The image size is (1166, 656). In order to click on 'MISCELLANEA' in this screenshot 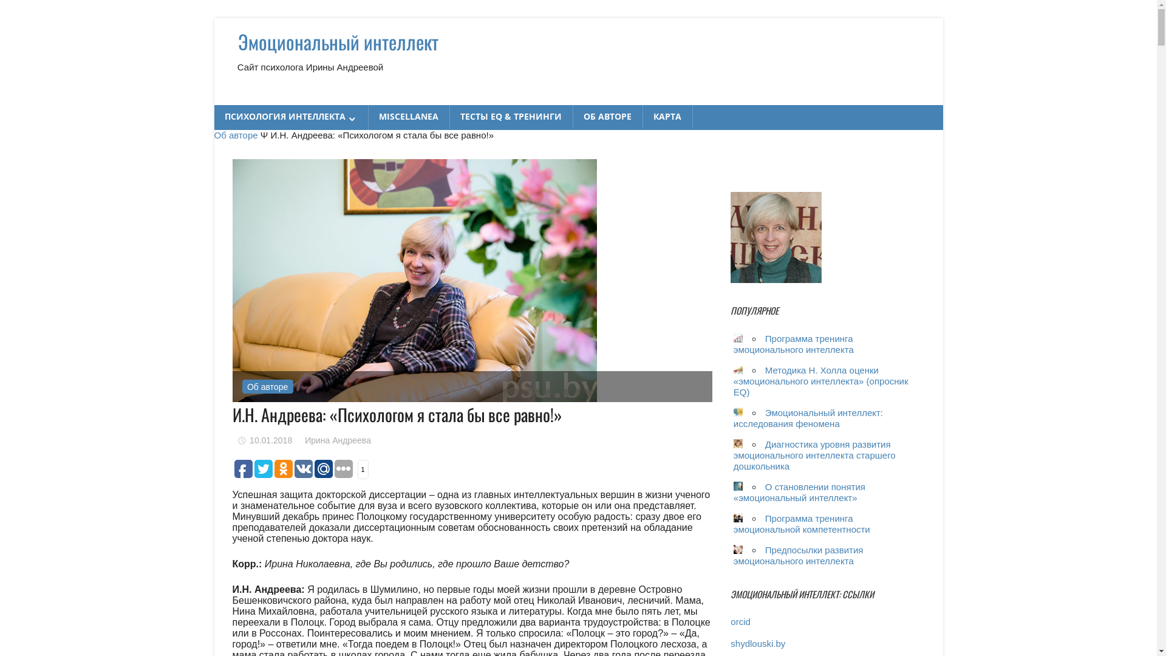, I will do `click(367, 116)`.